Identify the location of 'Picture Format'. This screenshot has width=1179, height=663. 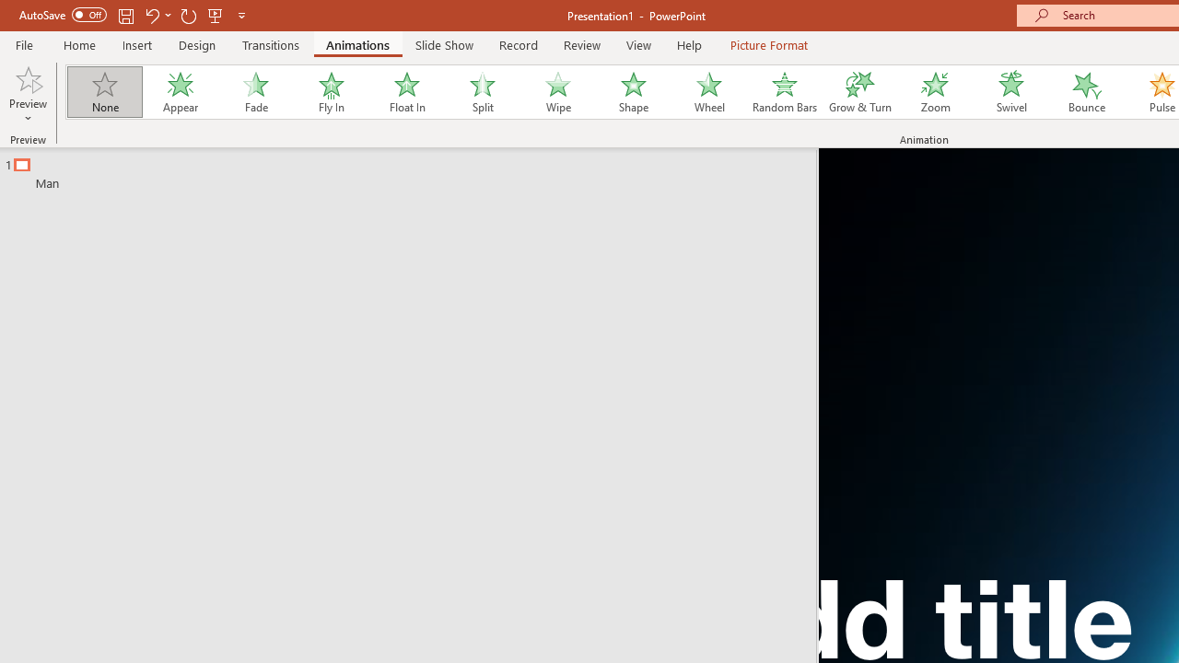
(769, 44).